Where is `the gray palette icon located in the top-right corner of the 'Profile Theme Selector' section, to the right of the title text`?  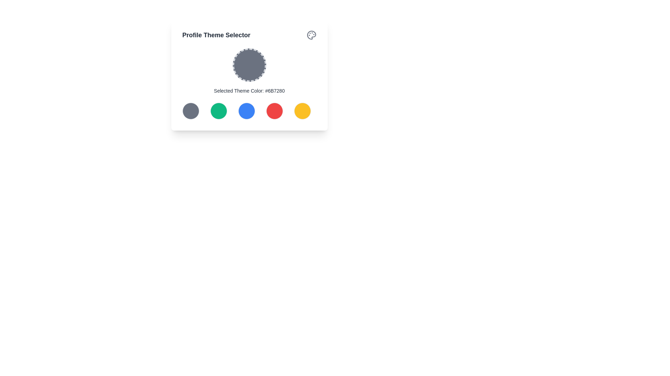 the gray palette icon located in the top-right corner of the 'Profile Theme Selector' section, to the right of the title text is located at coordinates (311, 35).